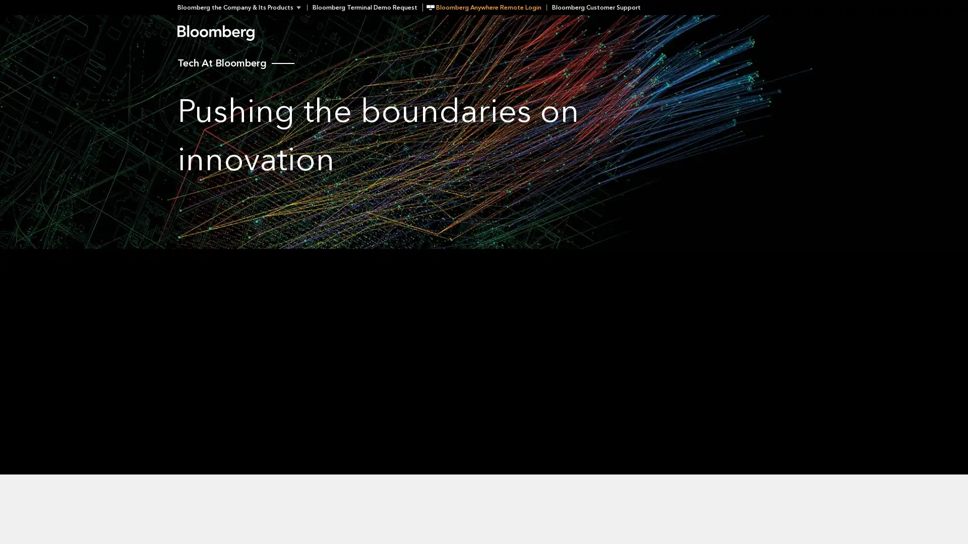 The height and width of the screenshot is (544, 968). I want to click on Bloomberg the Company & Its Products, so click(242, 8).